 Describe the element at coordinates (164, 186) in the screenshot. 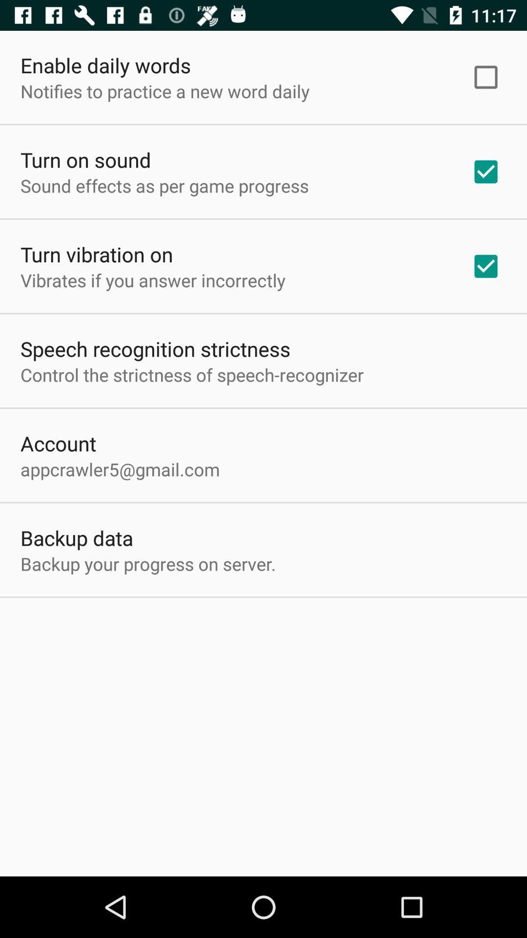

I see `the sound effects as item` at that location.